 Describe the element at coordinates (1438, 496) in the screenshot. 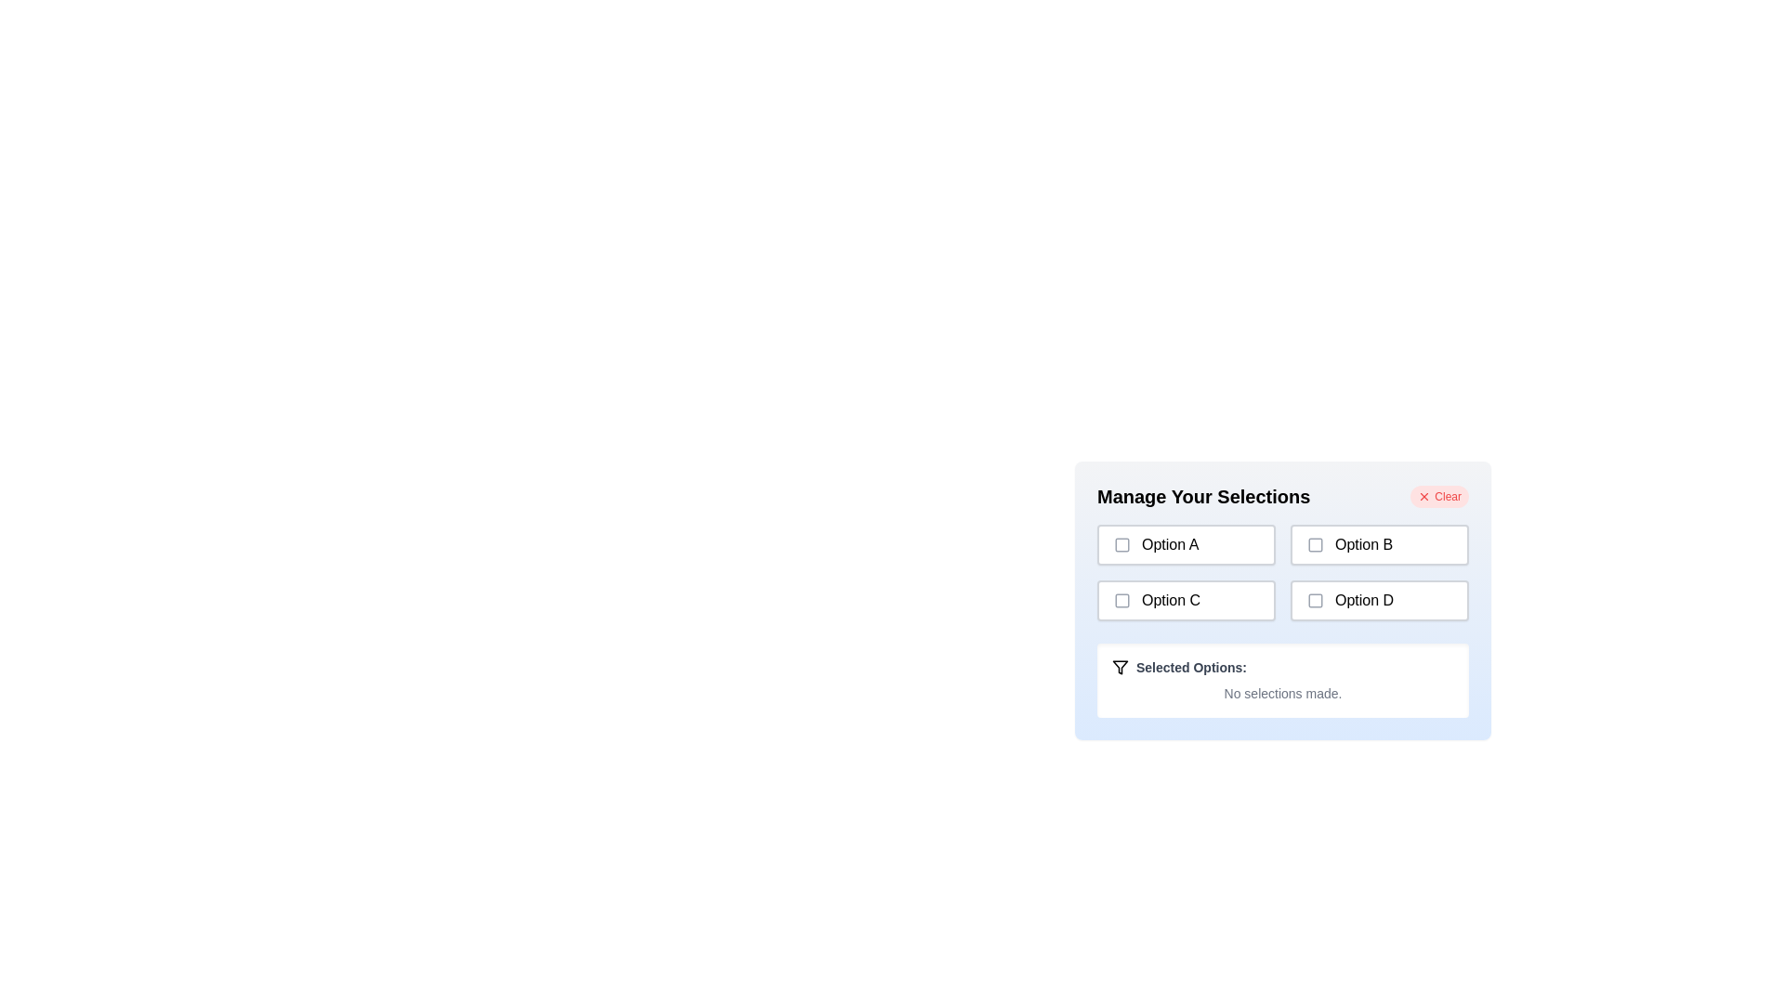

I see `'Clear' button to clear all selected items` at that location.